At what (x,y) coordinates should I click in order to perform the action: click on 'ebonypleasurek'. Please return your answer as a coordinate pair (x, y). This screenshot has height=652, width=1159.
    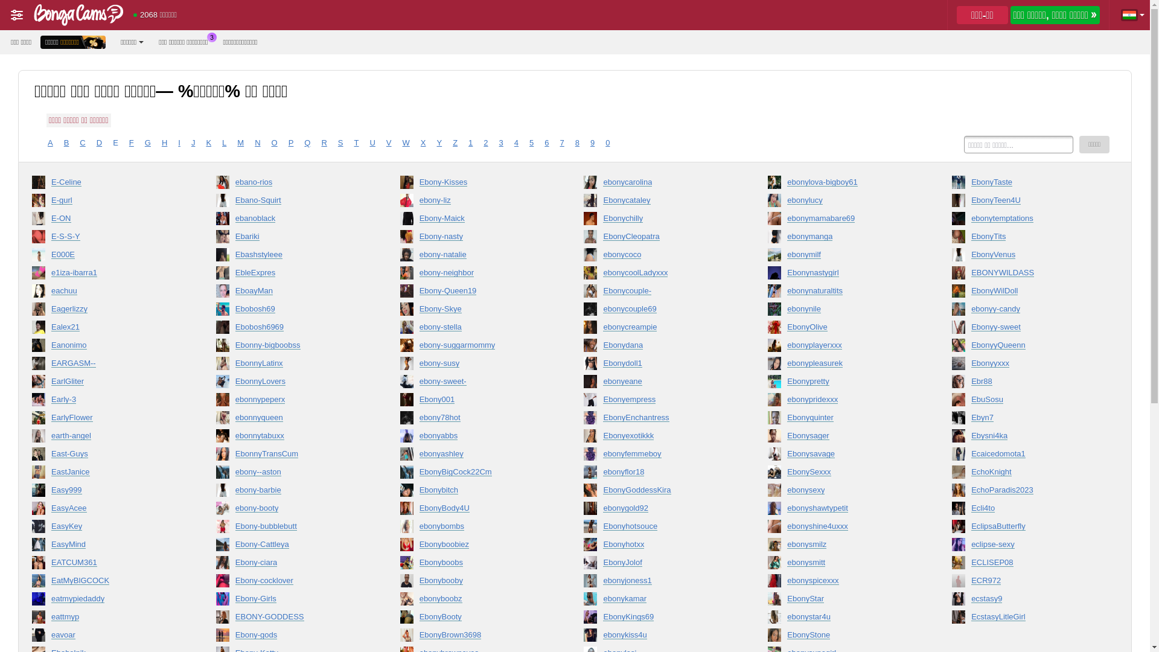
    Looking at the image, I should click on (842, 365).